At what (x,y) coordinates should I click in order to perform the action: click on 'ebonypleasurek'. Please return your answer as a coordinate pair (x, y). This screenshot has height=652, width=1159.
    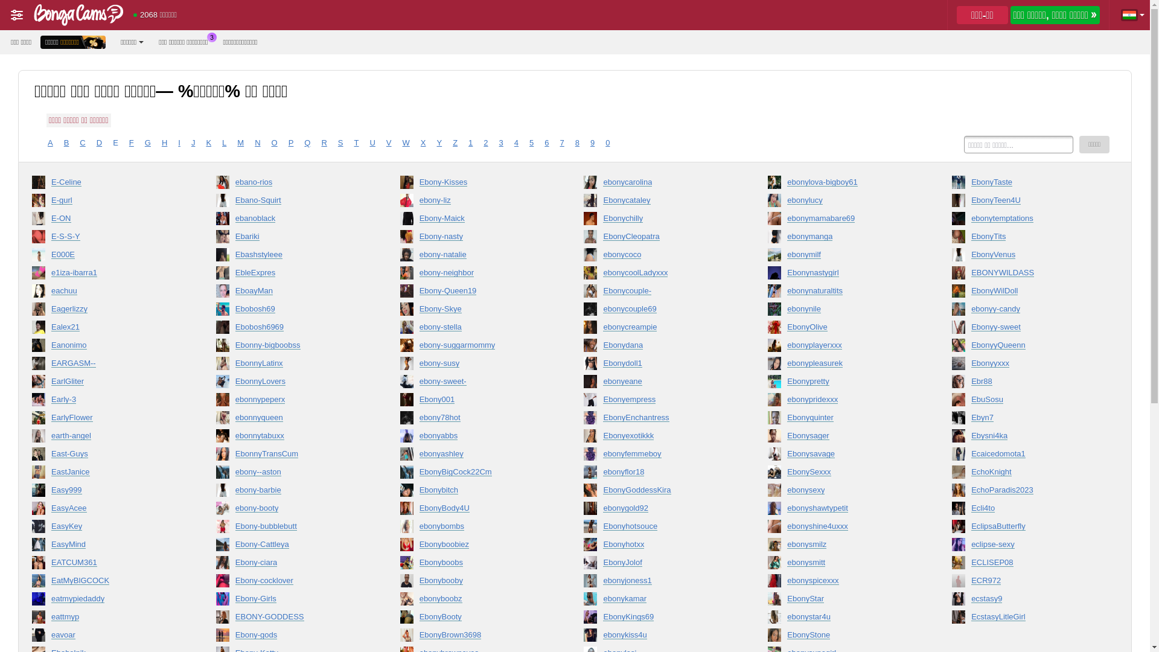
    Looking at the image, I should click on (842, 365).